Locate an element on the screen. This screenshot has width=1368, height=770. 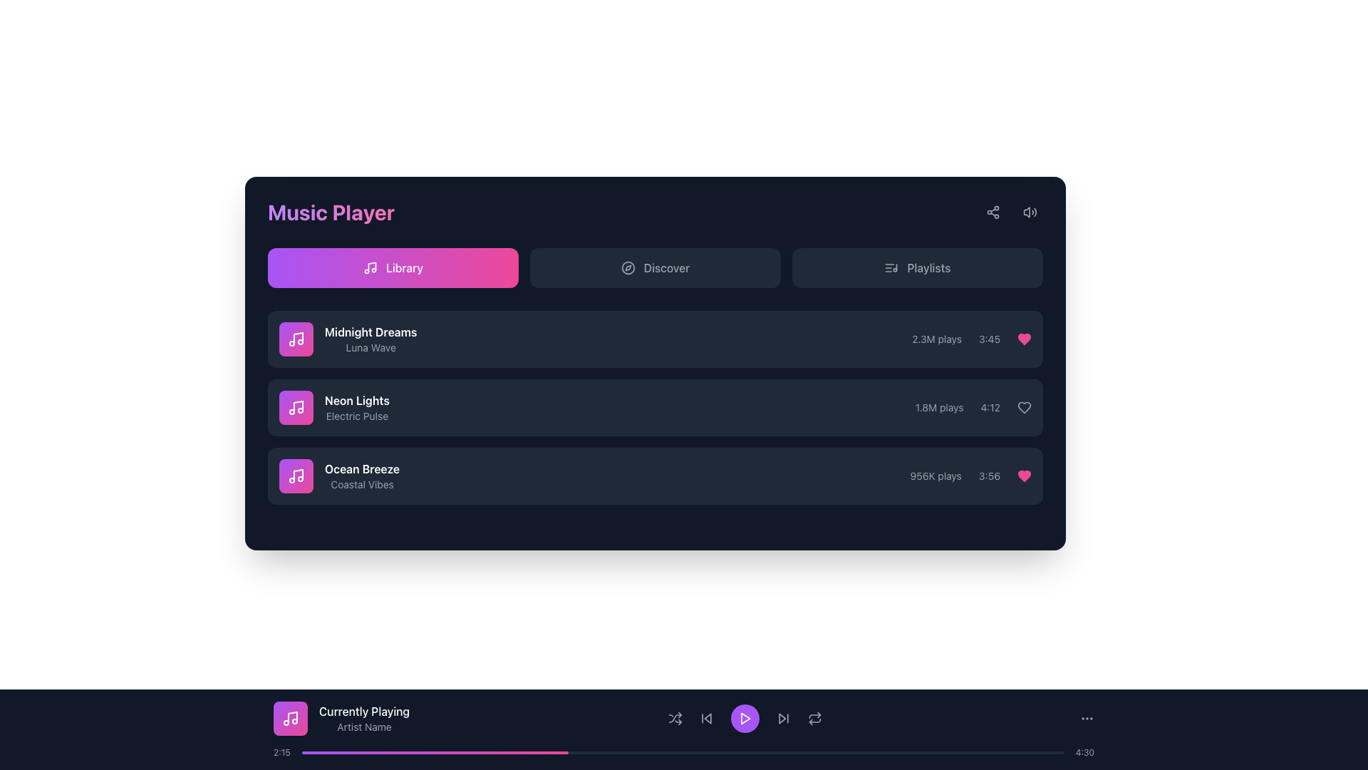
the heart-shaped icon filled with pink color representing the 'like' function, located in the far-right section of the playlist for the 'Ocean Breeze' track is located at coordinates (1024, 339).